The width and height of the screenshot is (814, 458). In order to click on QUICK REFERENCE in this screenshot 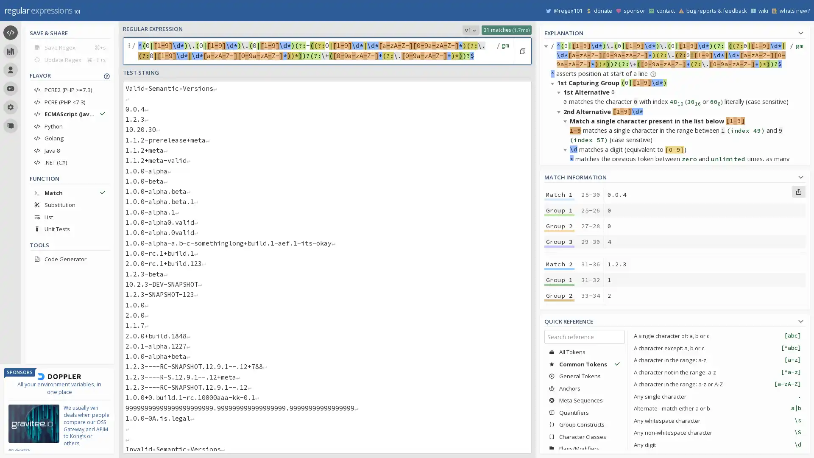, I will do `click(675, 320)`.